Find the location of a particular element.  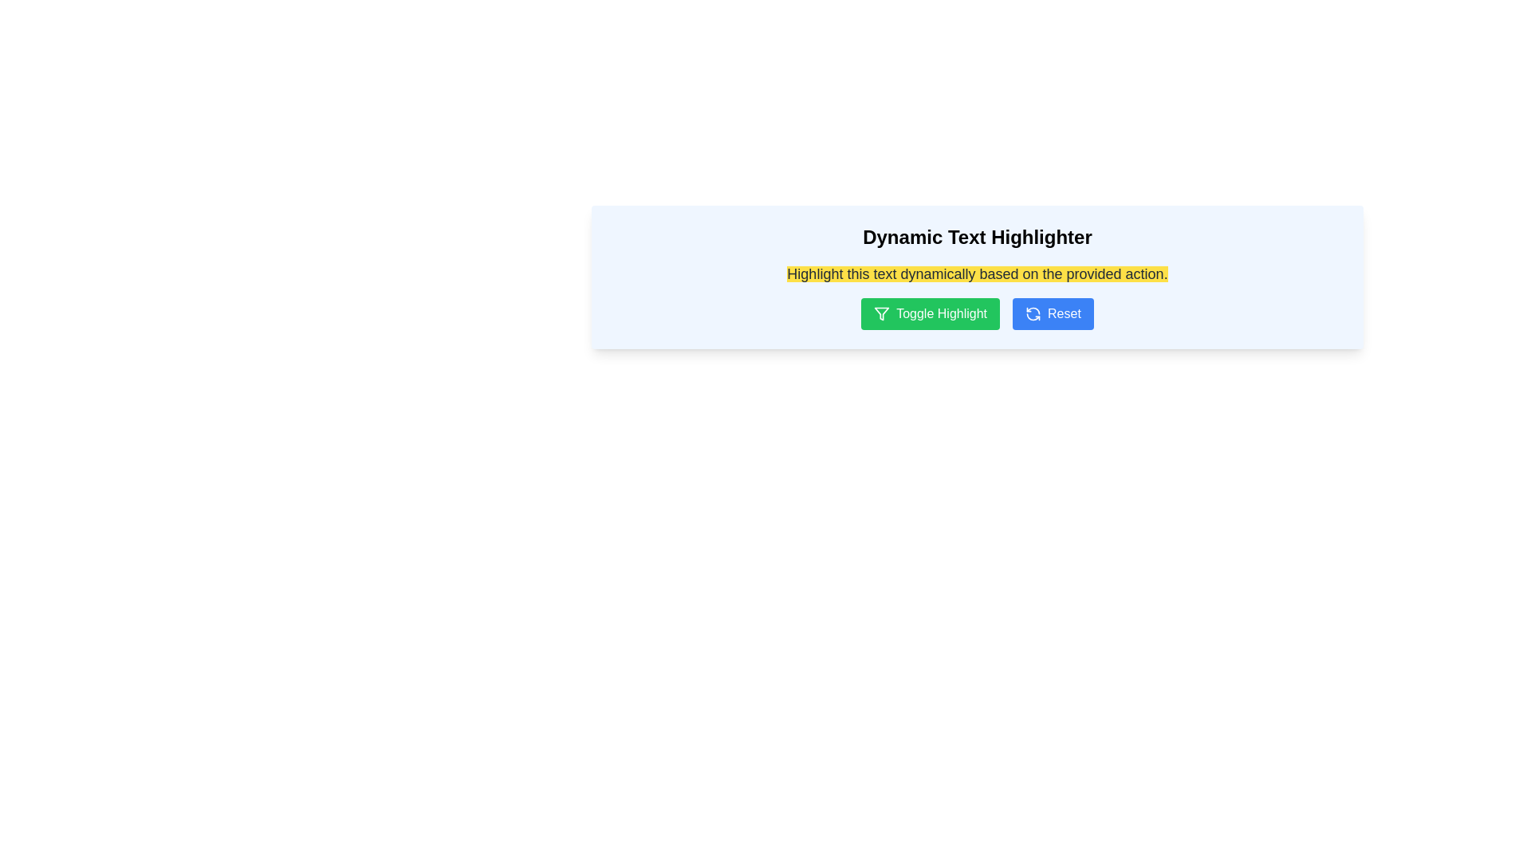

the filter icon with a funnel design located in the top-right corner of the toolbar is located at coordinates (881, 313).